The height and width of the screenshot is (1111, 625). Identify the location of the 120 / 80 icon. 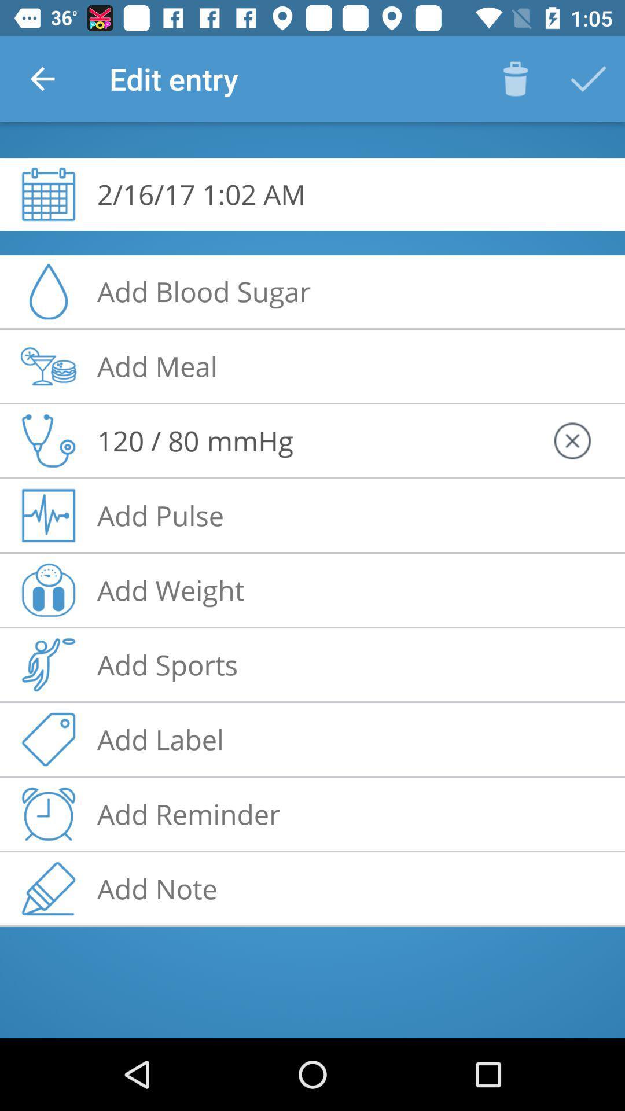
(148, 440).